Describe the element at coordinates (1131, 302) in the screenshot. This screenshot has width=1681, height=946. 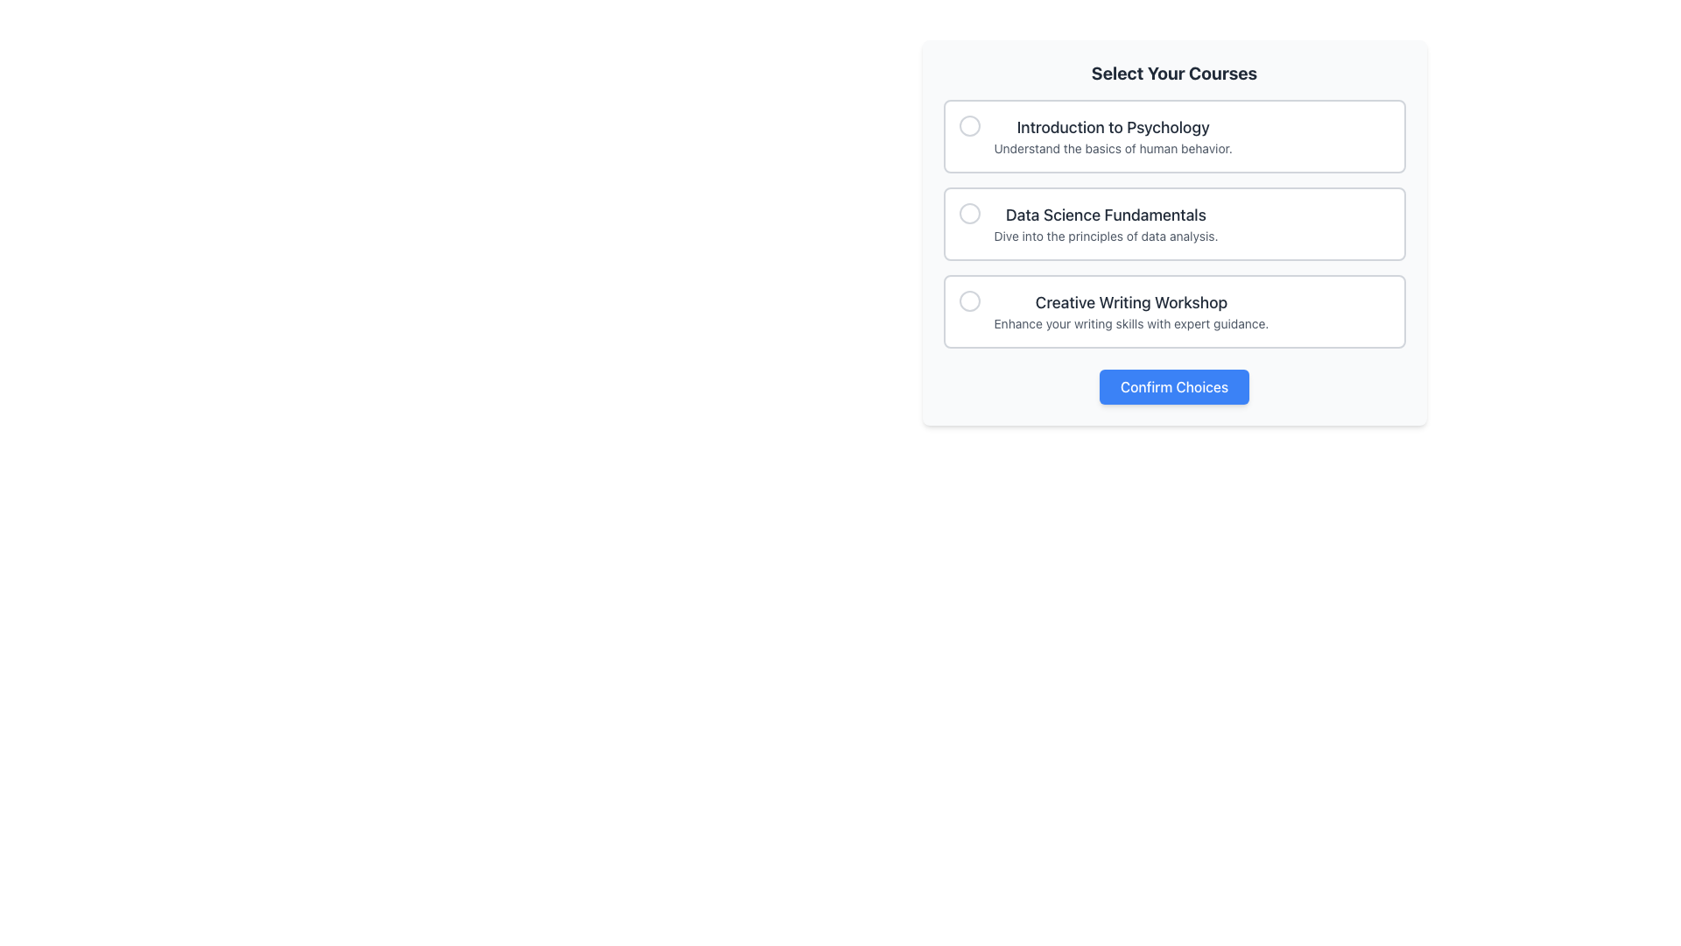
I see `the title text element that conveys the name of a specific course available for selection, located directly above the text 'Enhance your writing skills with expert guidance.'` at that location.